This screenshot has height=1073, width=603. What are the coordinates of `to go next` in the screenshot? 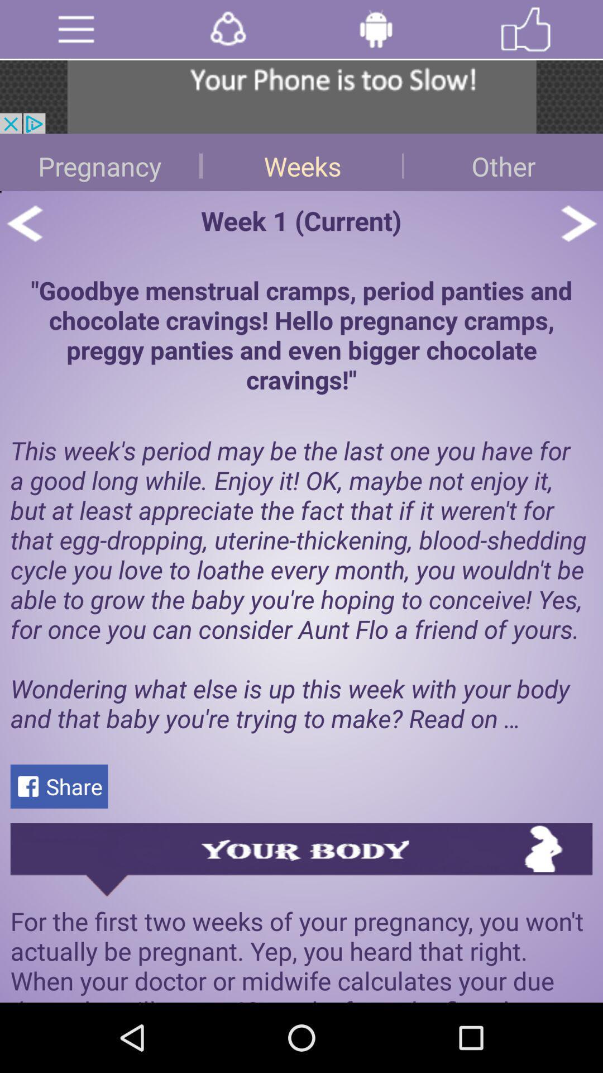 It's located at (578, 223).